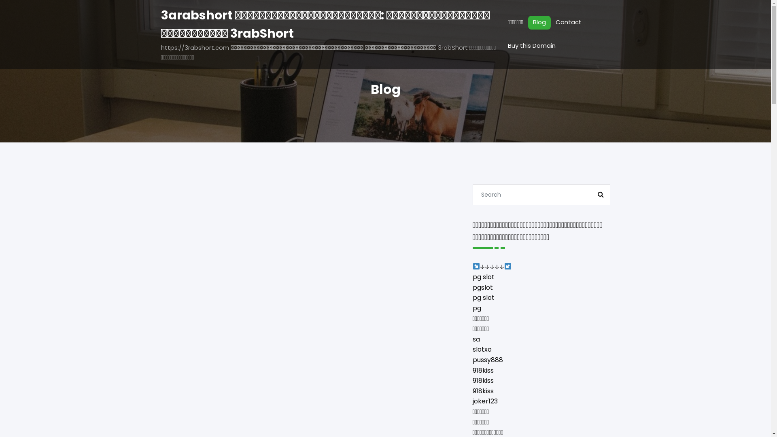  What do you see at coordinates (568, 22) in the screenshot?
I see `'Contact'` at bounding box center [568, 22].